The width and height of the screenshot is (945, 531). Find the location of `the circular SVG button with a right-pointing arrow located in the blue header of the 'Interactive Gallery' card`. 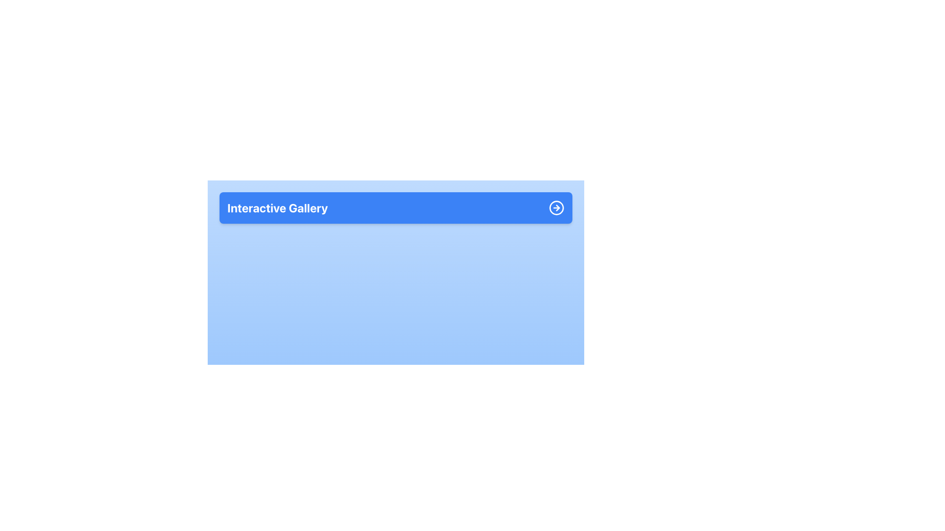

the circular SVG button with a right-pointing arrow located in the blue header of the 'Interactive Gallery' card is located at coordinates (557, 207).